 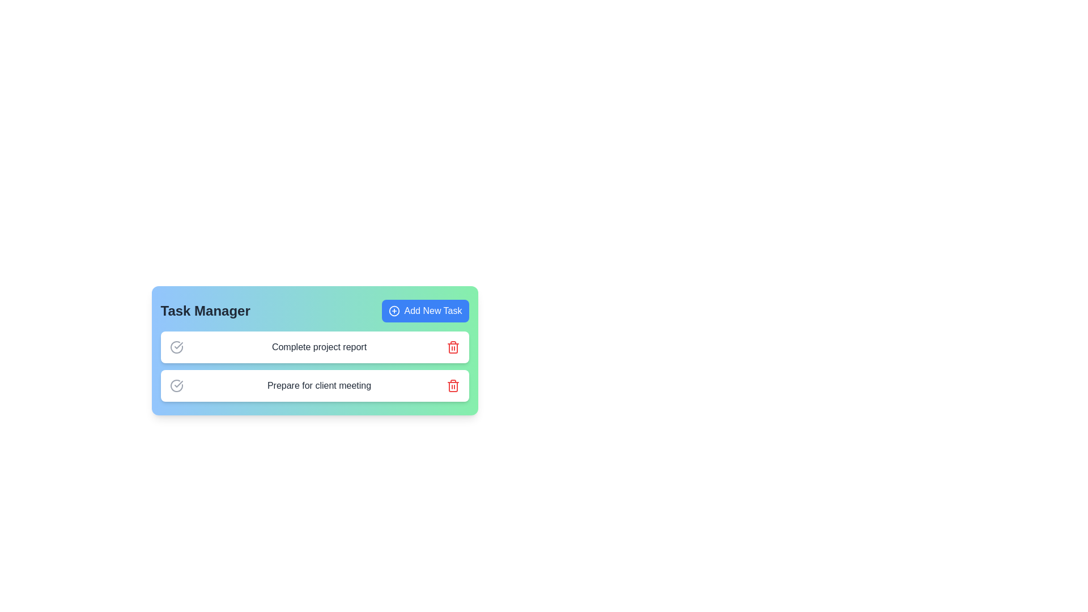 What do you see at coordinates (318, 385) in the screenshot?
I see `the text label that reads 'Prepare for client meeting', styled with a gray color and a clean sans-serif font, located in the second task item of the task list` at bounding box center [318, 385].